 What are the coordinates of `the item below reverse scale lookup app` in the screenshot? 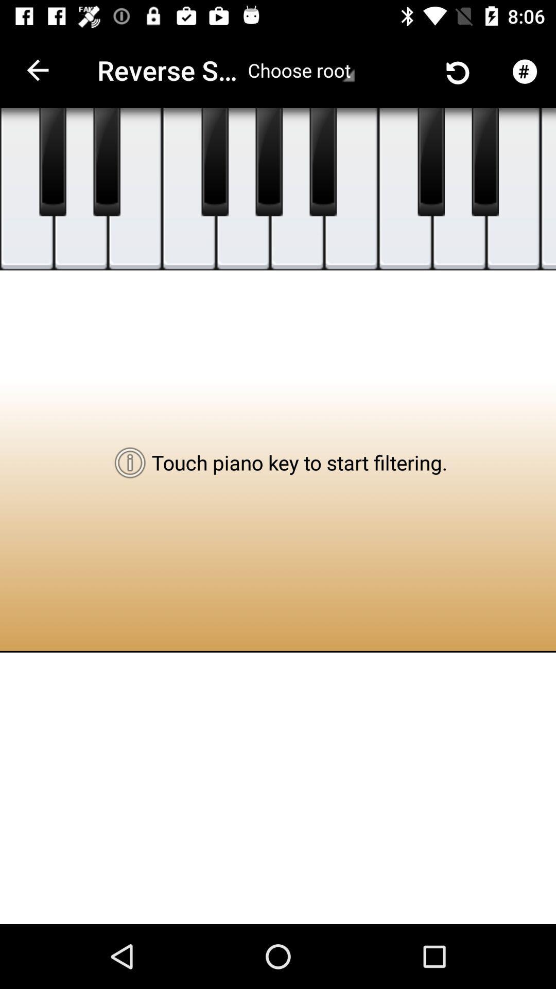 It's located at (243, 189).